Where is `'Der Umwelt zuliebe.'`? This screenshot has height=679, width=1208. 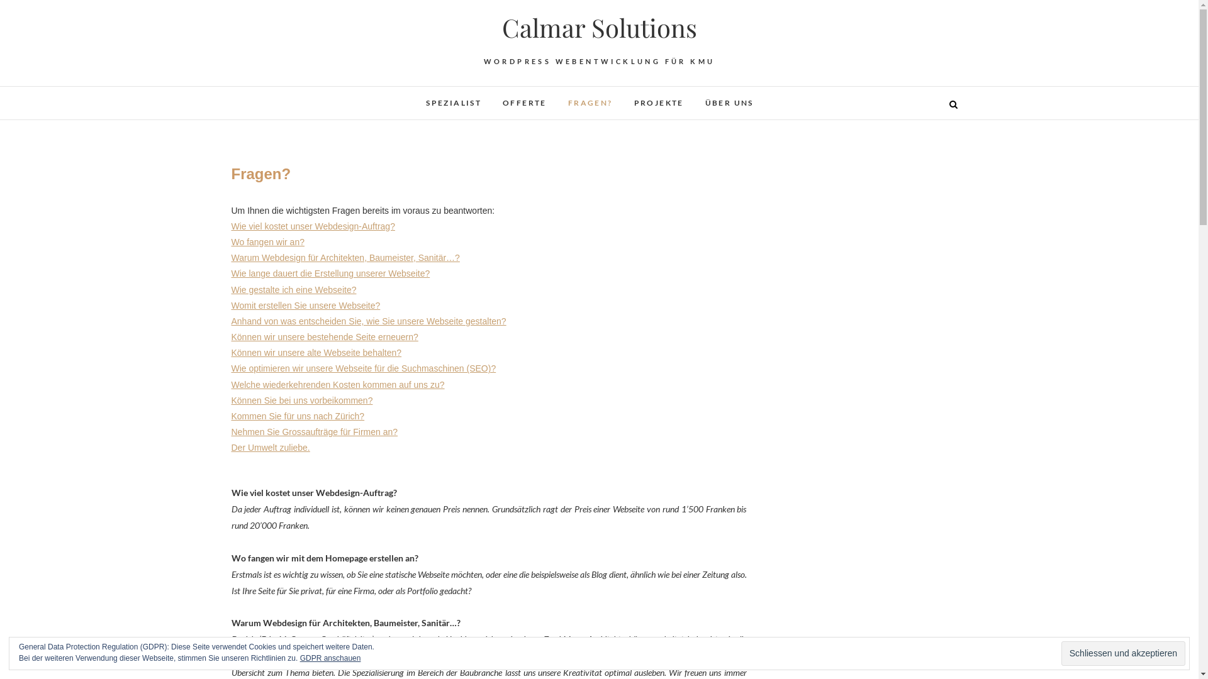
'Der Umwelt zuliebe.' is located at coordinates (270, 447).